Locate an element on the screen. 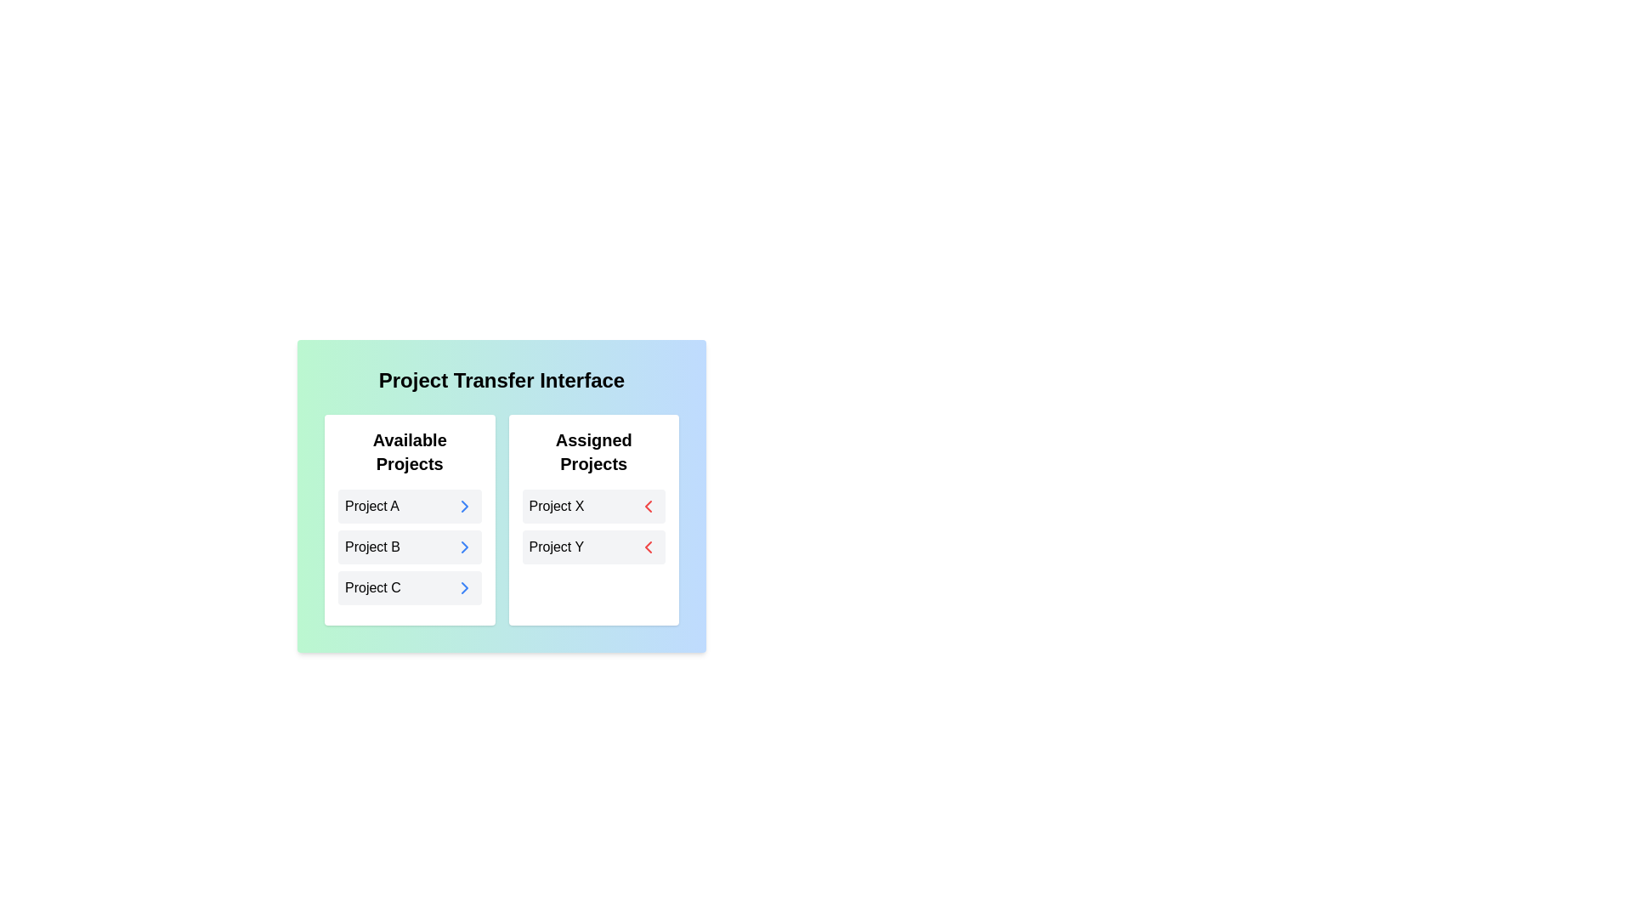 Image resolution: width=1632 pixels, height=918 pixels. the project rows in the 'Assigned Projects' section, which contains 'Project X' and 'Project Y' with a left-pointing red chevron icon is located at coordinates (593, 526).